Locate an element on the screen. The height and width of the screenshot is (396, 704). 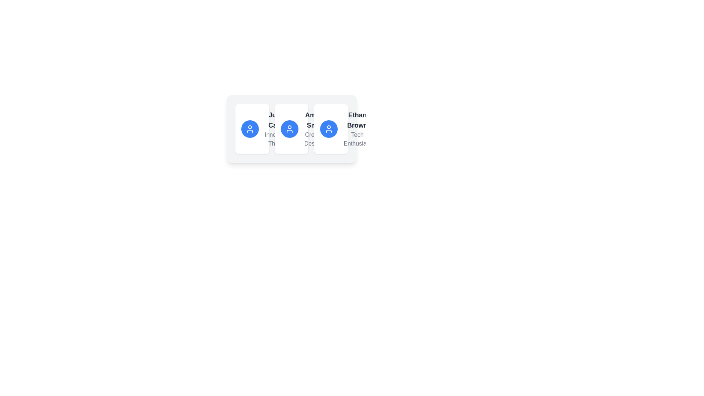
the text element displaying 'Ethan Brown', a profile display element on the far-right card in a horizontal list is located at coordinates (330, 128).